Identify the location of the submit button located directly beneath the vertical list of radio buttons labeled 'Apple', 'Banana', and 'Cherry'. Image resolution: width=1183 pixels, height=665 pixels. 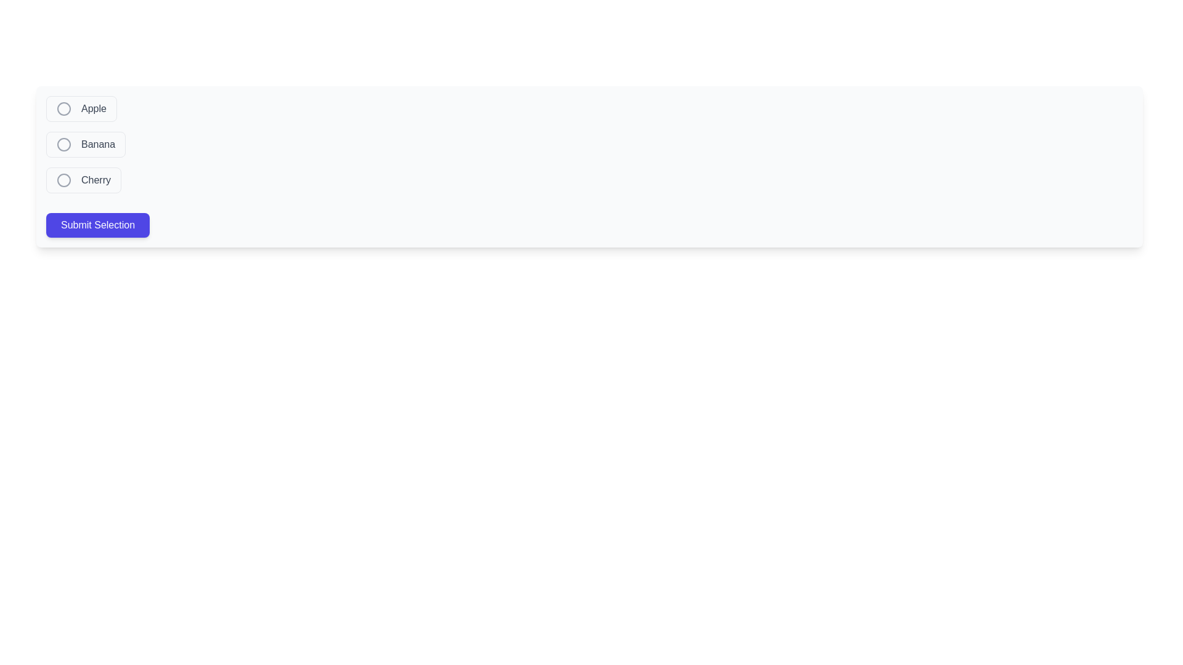
(97, 225).